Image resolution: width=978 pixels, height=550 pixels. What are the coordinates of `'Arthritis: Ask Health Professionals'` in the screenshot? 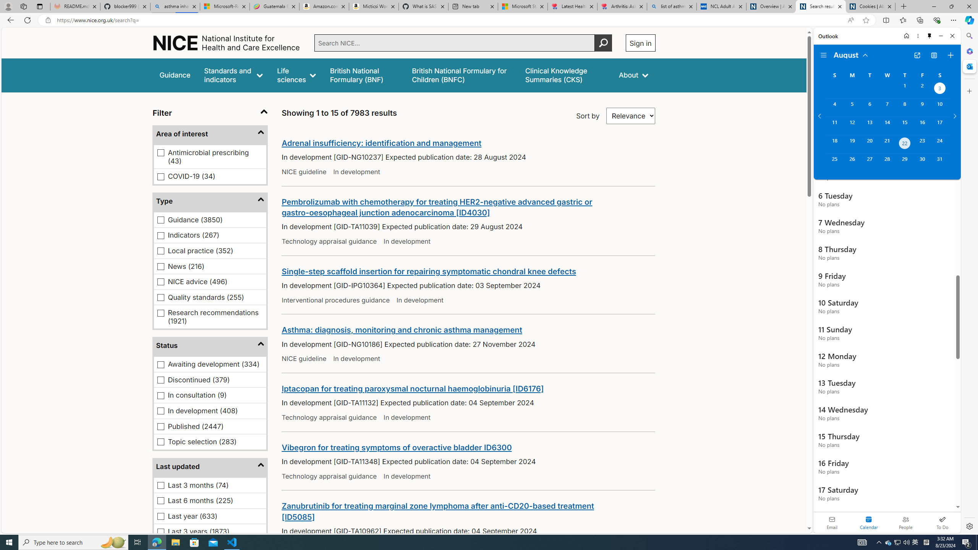 It's located at (622, 6).